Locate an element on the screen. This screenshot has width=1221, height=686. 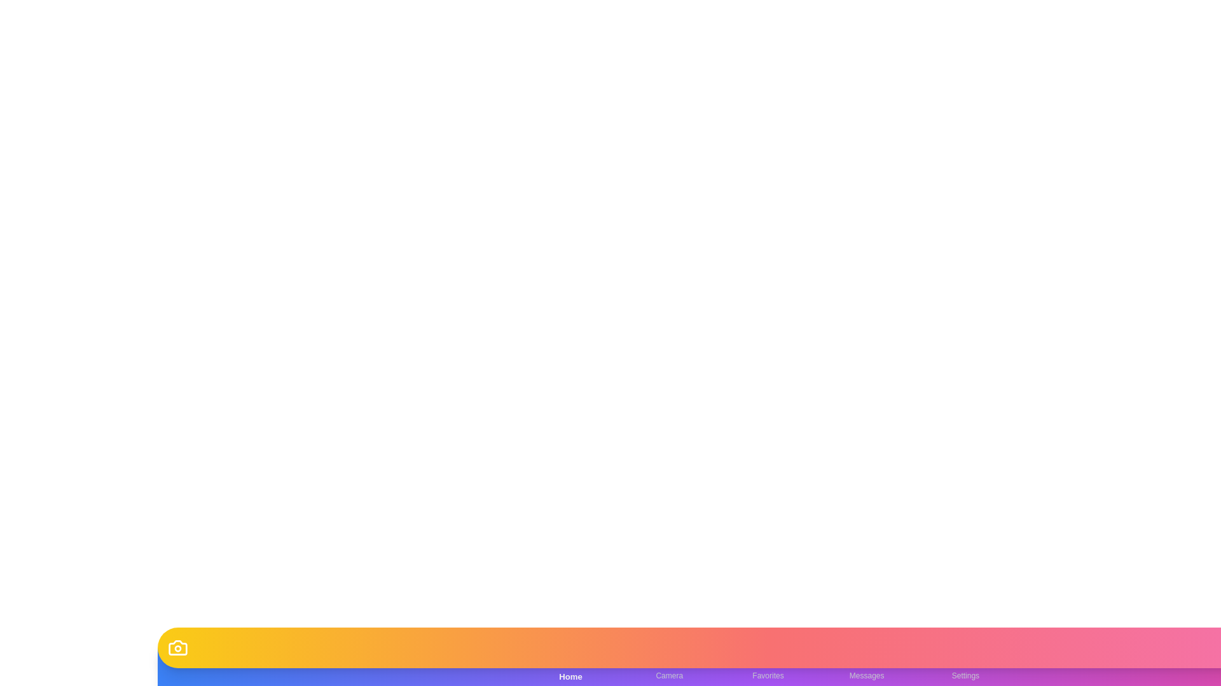
the Home button to observe its hover effect is located at coordinates (570, 666).